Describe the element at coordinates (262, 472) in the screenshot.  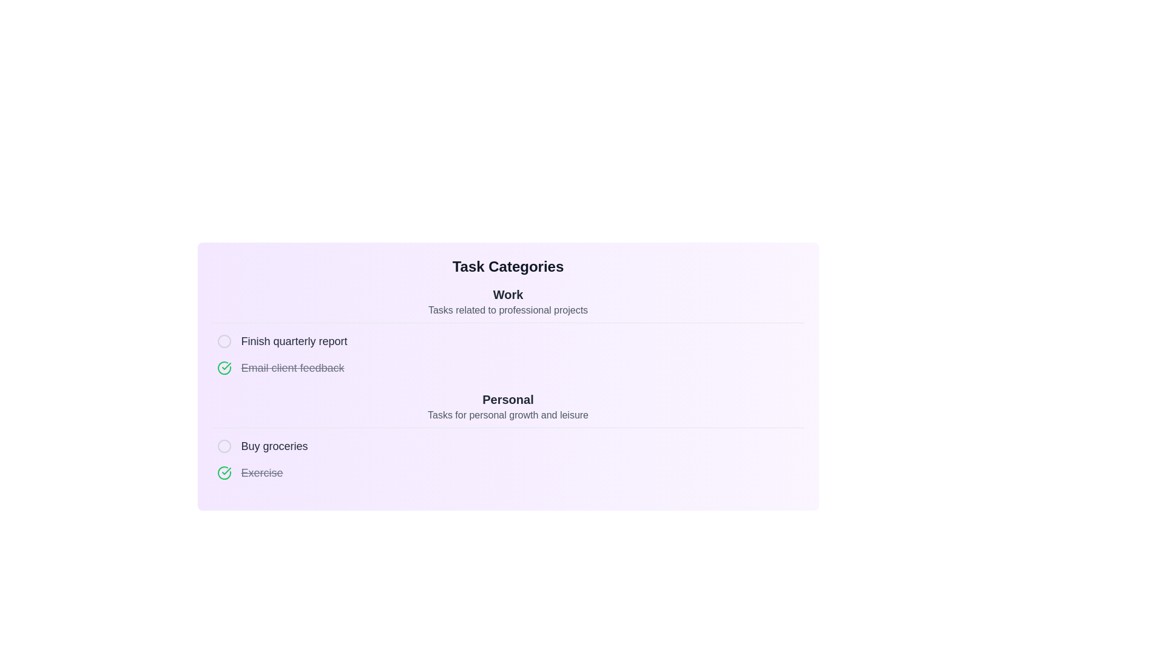
I see `the state of the text label reading 'Exercise', which is styled with a line-through effect and is located to the right of a circular checkmark icon in the 'Personal' task category` at that location.